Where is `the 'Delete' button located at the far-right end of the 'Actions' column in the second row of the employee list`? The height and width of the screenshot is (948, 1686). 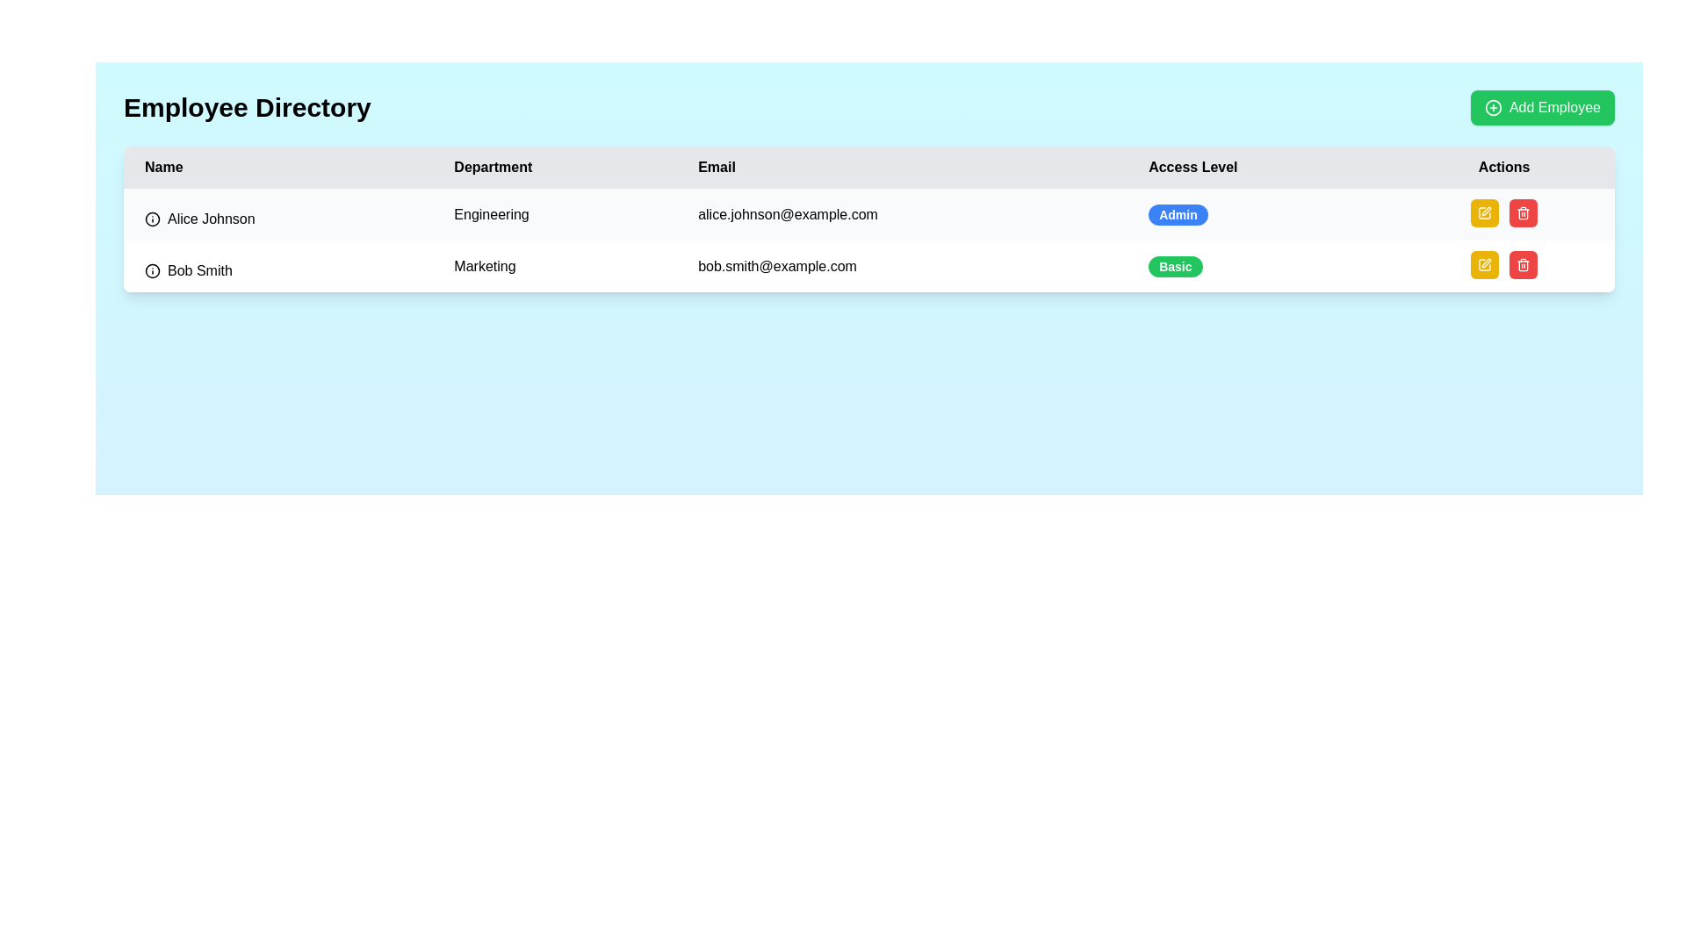 the 'Delete' button located at the far-right end of the 'Actions' column in the second row of the employee list is located at coordinates (1523, 264).